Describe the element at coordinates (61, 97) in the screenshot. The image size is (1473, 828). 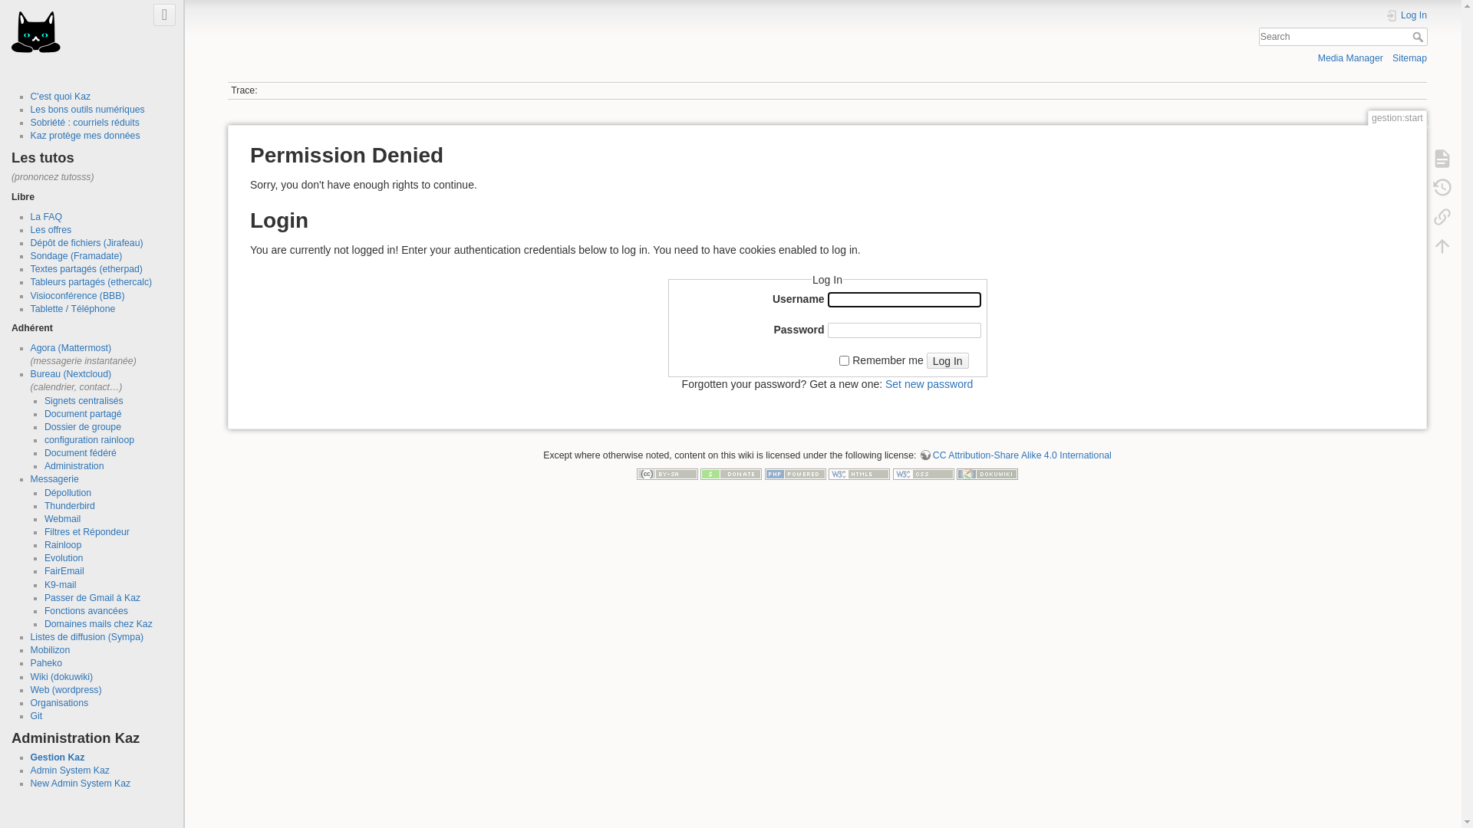
I see `'C'est quoi Kaz'` at that location.